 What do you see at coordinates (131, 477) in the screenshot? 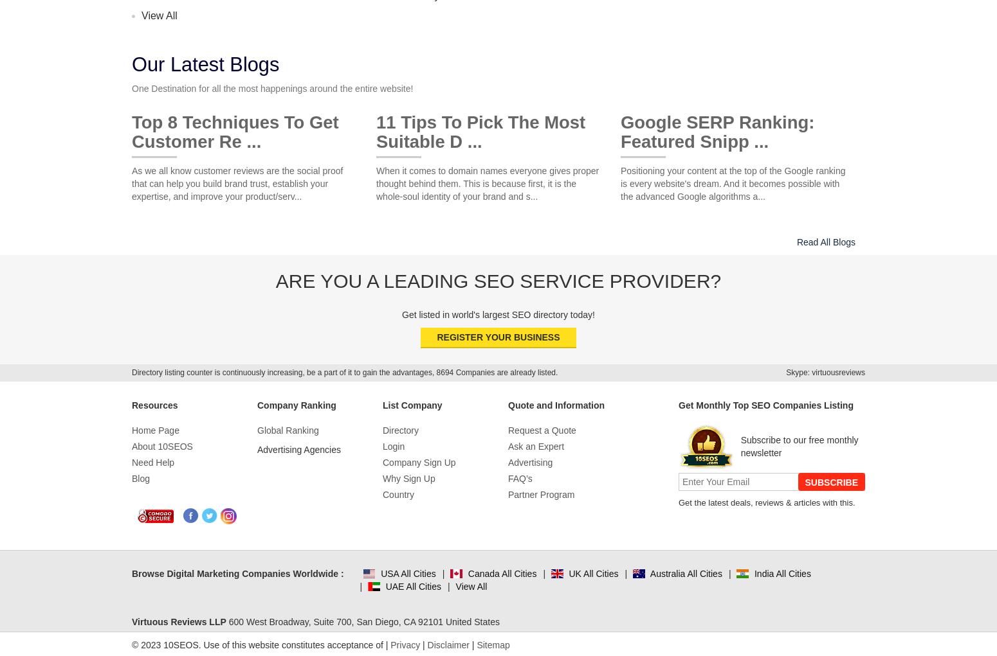
I see `'Blog'` at bounding box center [131, 477].